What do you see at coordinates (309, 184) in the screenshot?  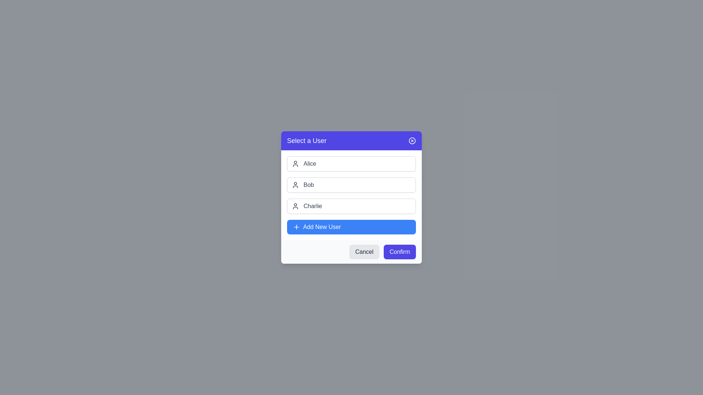 I see `the text label displaying the name 'Bob', which is part of a user selection panel and is centrally positioned within a rectangular area, located to the right of a user icon` at bounding box center [309, 184].